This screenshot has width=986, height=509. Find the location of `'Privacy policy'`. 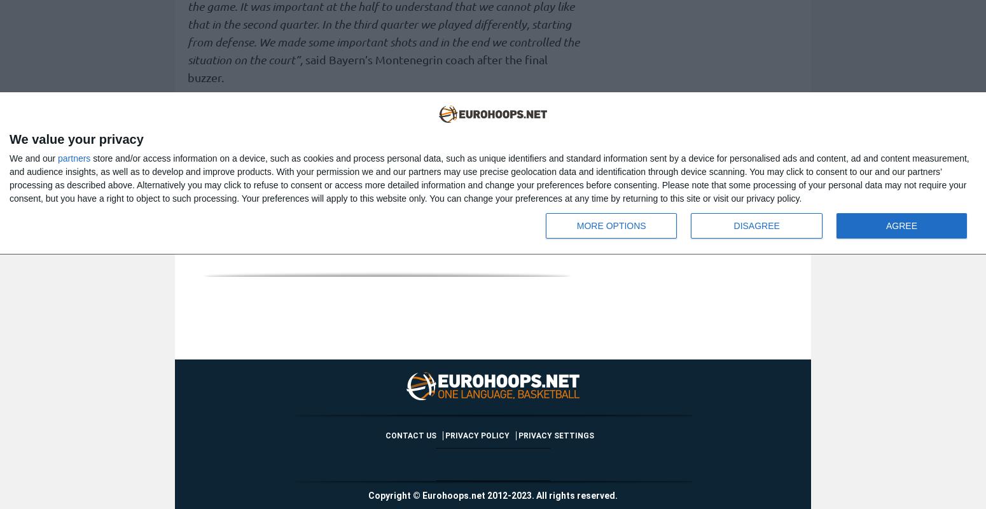

'Privacy policy' is located at coordinates (477, 435).